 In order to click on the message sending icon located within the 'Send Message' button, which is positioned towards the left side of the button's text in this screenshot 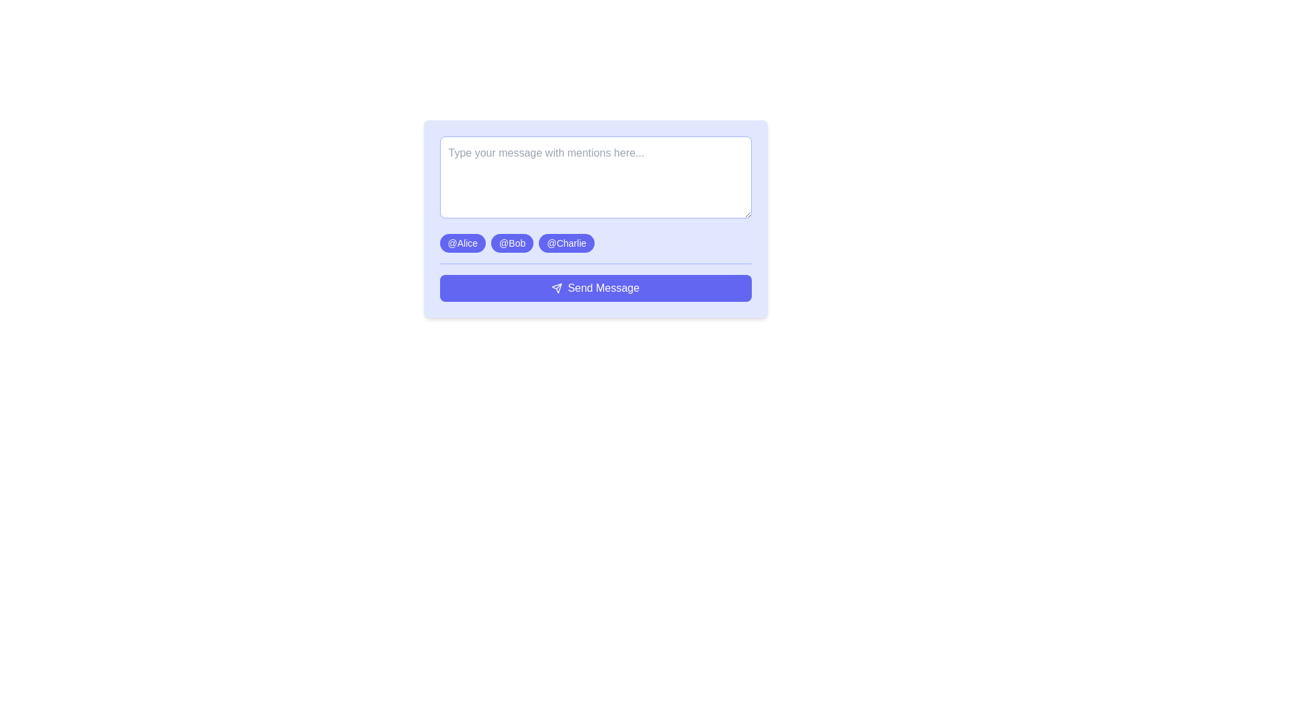, I will do `click(557, 287)`.